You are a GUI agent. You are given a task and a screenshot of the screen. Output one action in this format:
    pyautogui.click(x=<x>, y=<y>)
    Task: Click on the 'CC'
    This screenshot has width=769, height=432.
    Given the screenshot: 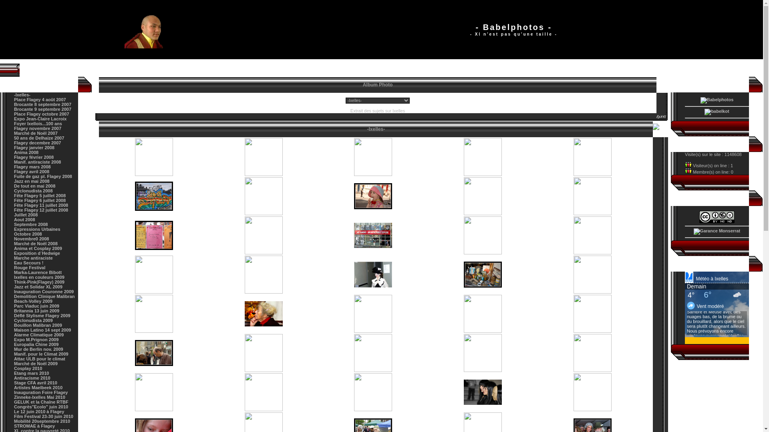 What is the action you would take?
    pyautogui.click(x=717, y=217)
    